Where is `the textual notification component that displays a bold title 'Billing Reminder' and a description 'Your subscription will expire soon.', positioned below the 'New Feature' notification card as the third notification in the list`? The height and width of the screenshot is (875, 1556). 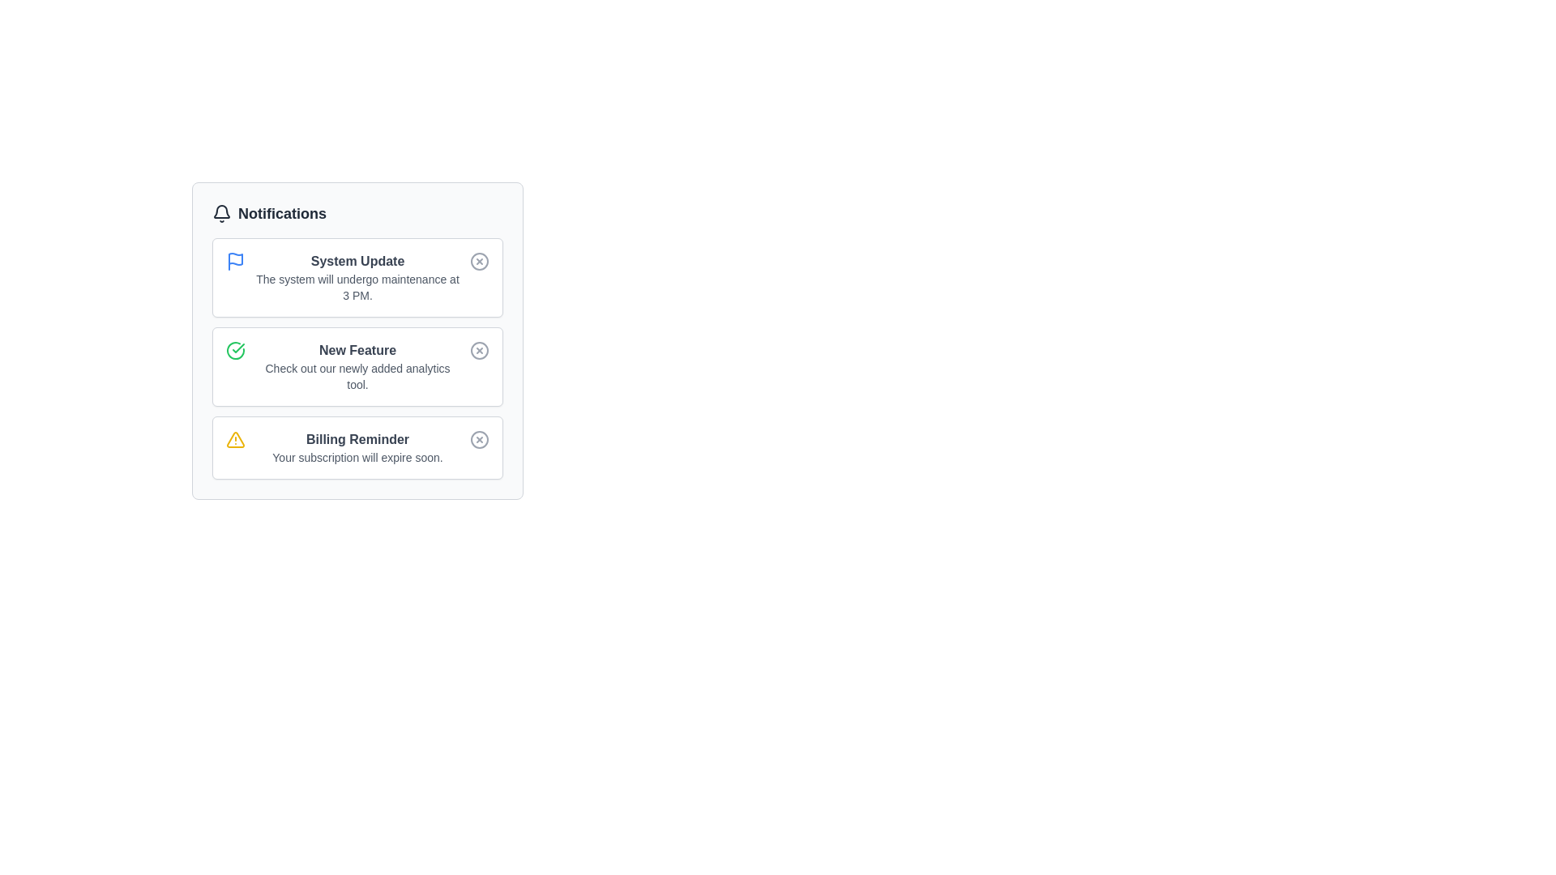
the textual notification component that displays a bold title 'Billing Reminder' and a description 'Your subscription will expire soon.', positioned below the 'New Feature' notification card as the third notification in the list is located at coordinates (357, 447).